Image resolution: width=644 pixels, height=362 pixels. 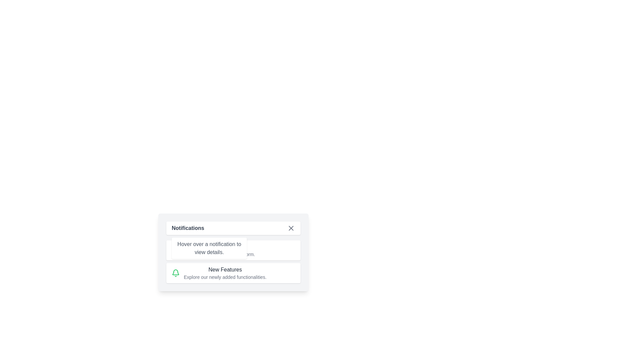 I want to click on the details of the second Notification Card in the Notifications section, which provides information about new features available within the system, so click(x=233, y=261).